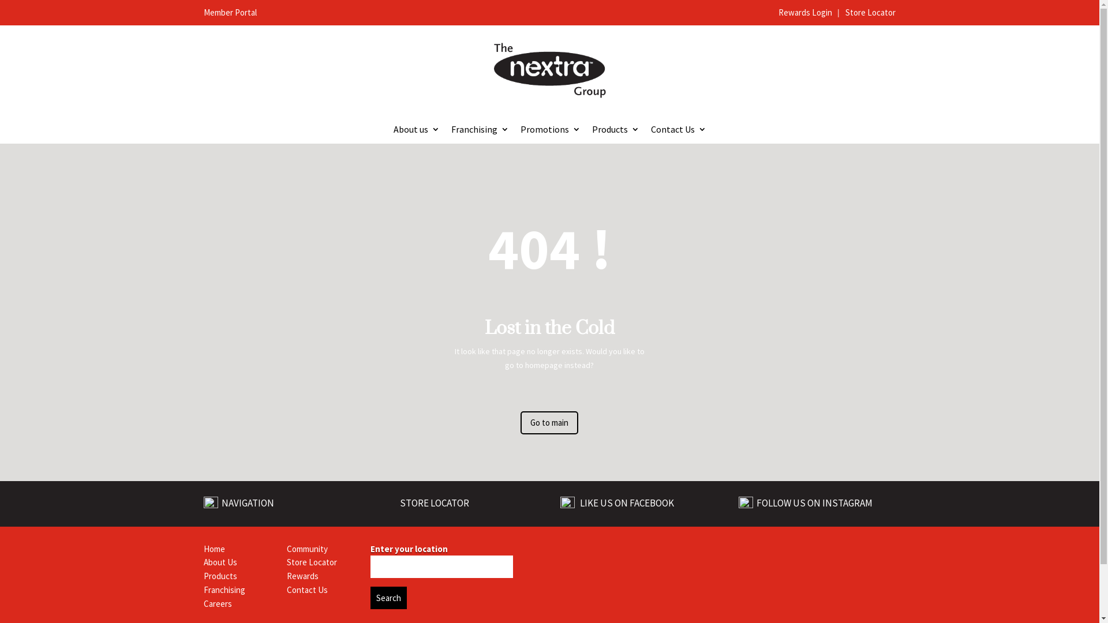 The width and height of the screenshot is (1108, 623). Describe the element at coordinates (214, 548) in the screenshot. I see `'Home'` at that location.